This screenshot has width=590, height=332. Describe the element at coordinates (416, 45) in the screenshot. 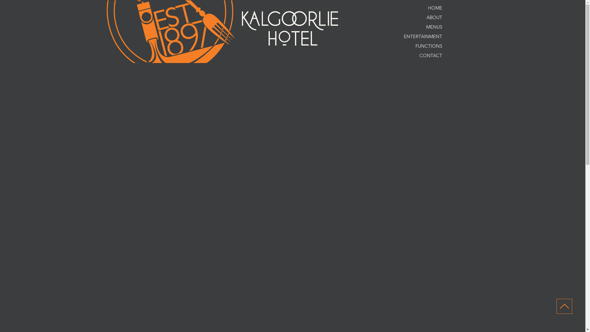

I see `'FUNCTIONS'` at that location.